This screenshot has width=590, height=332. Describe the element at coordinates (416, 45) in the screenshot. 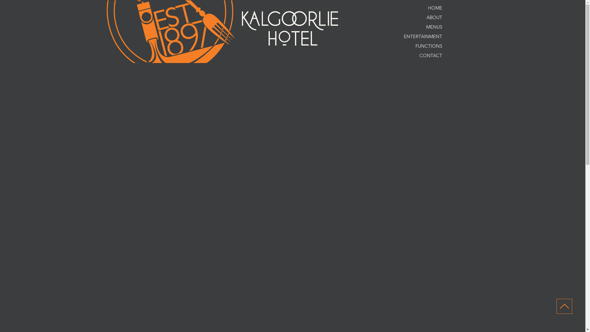

I see `'FUNCTIONS'` at that location.